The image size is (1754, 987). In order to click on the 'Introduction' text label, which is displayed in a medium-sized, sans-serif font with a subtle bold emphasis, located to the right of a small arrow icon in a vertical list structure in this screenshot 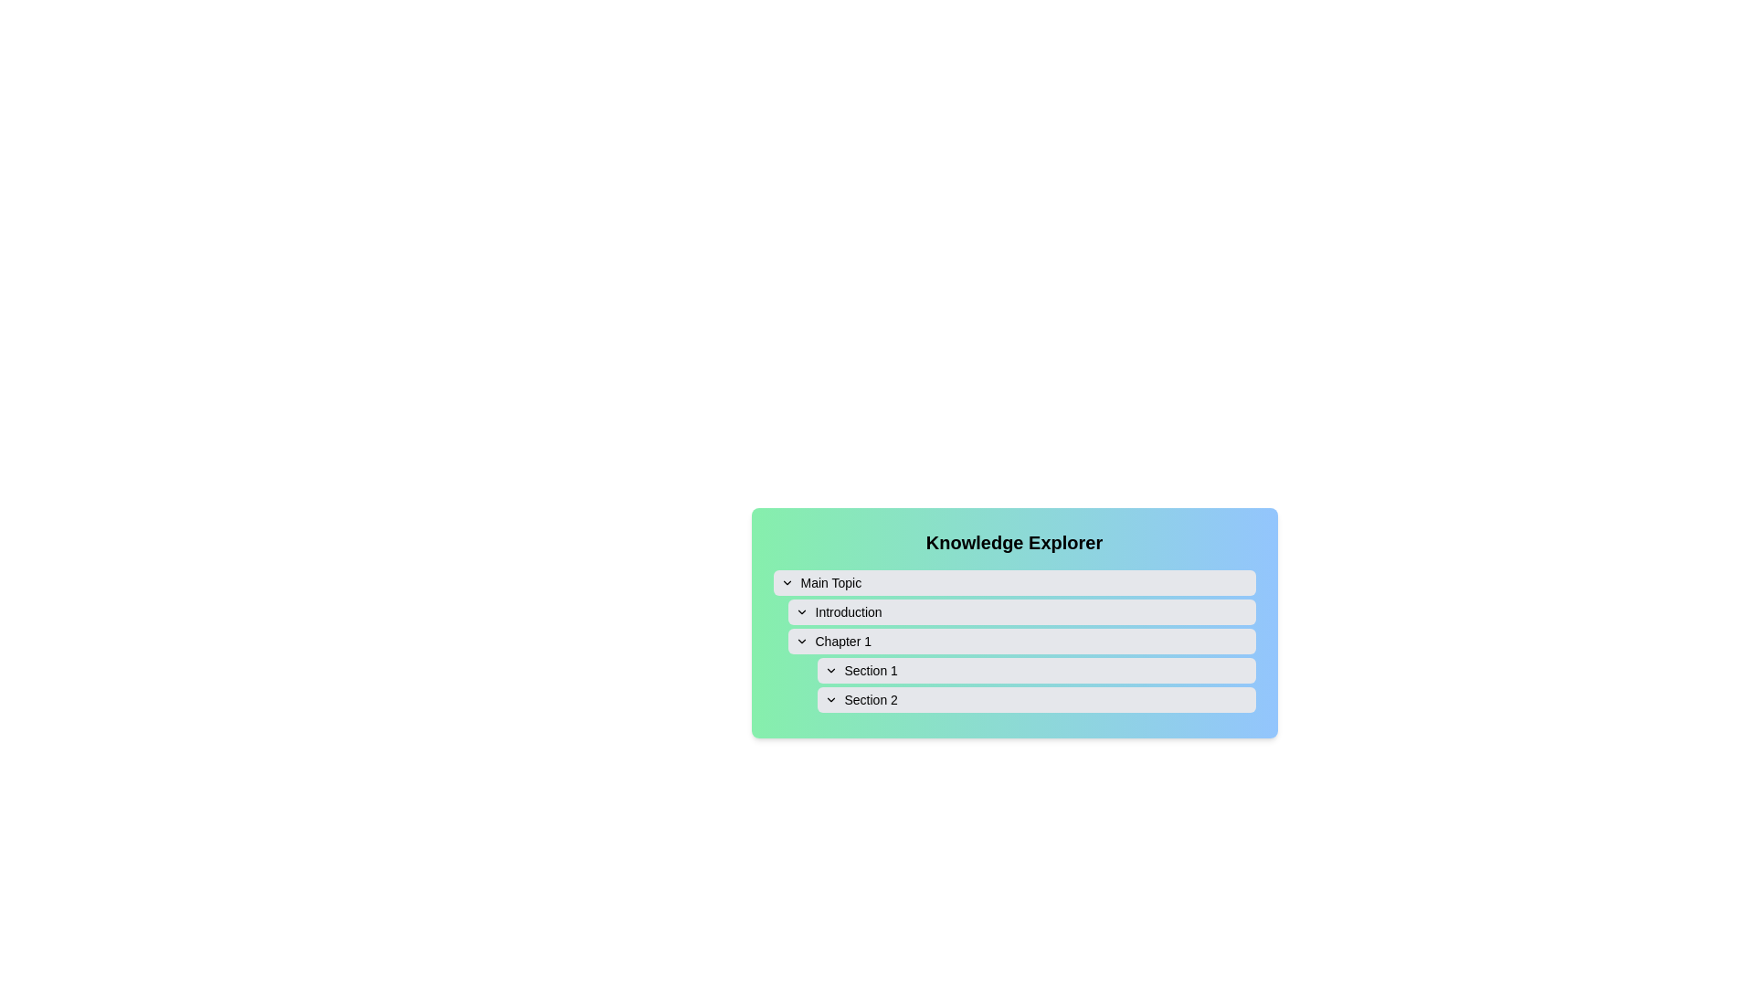, I will do `click(848, 612)`.